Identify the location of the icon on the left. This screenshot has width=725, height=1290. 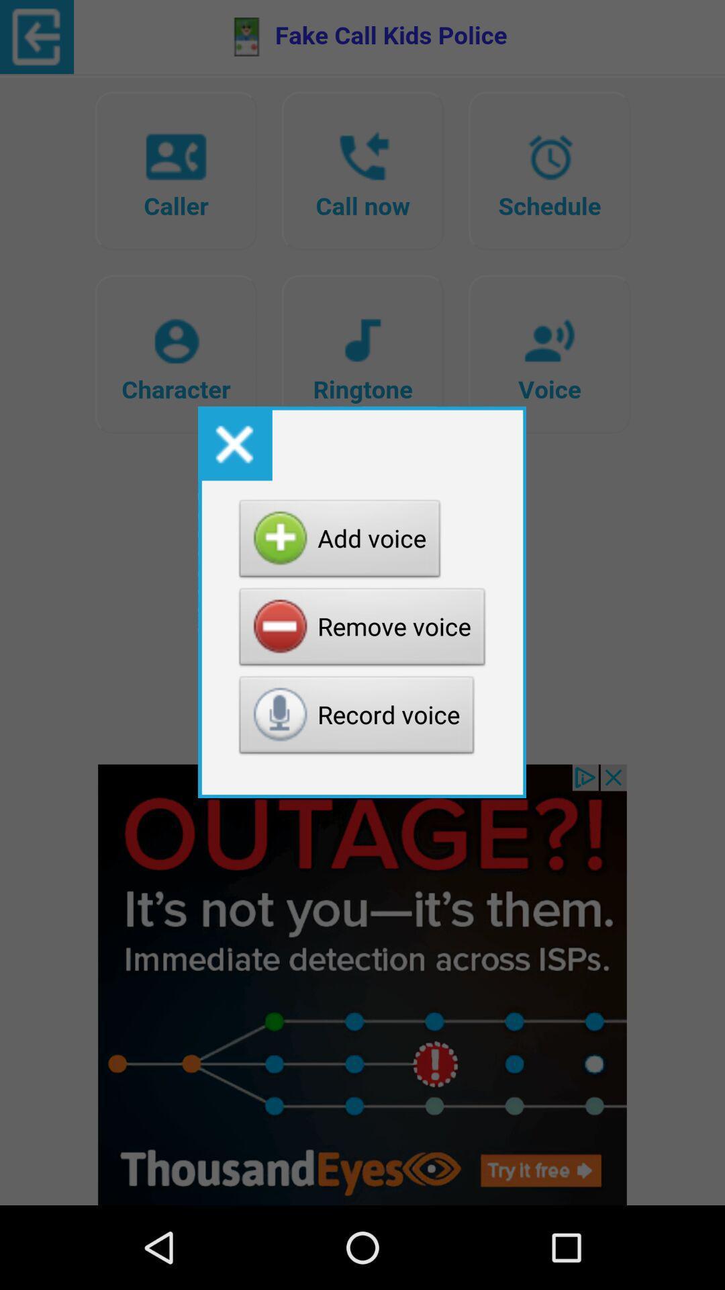
(234, 443).